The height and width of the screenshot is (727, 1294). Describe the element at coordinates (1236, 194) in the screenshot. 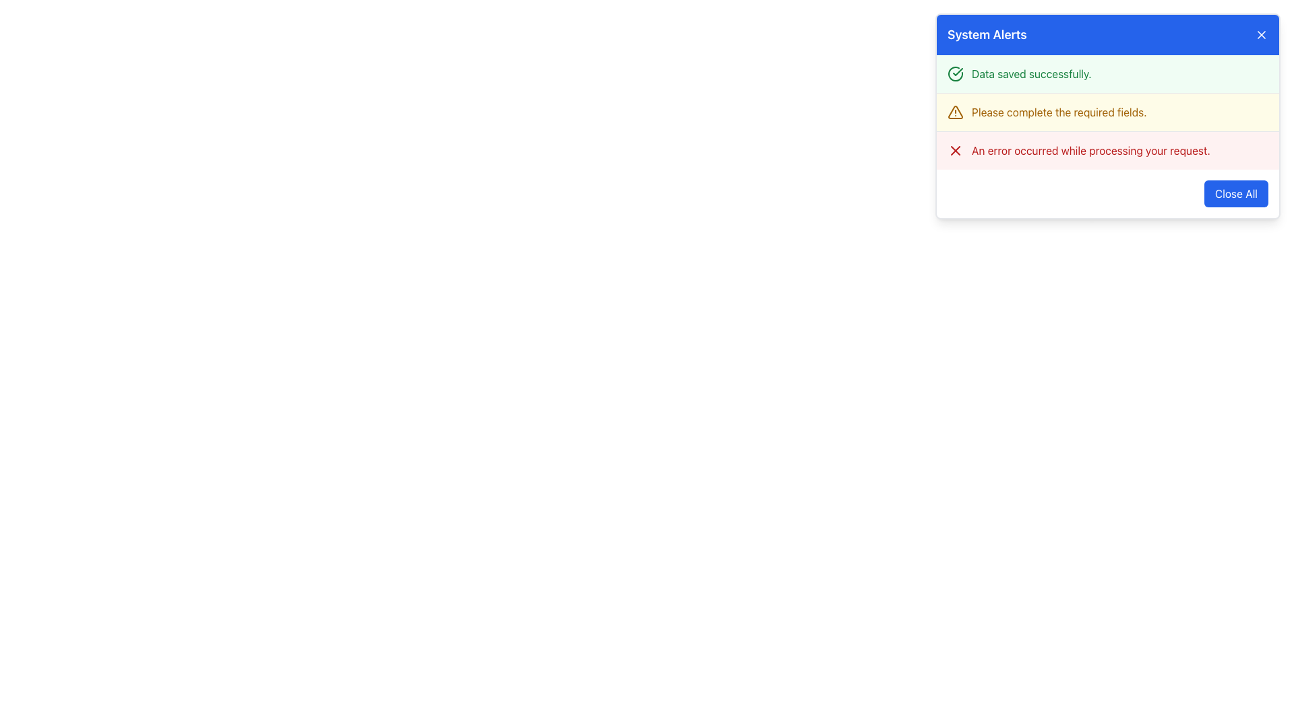

I see `the close button located at the bottom-right corner of the notification panel to change its shade of blue` at that location.